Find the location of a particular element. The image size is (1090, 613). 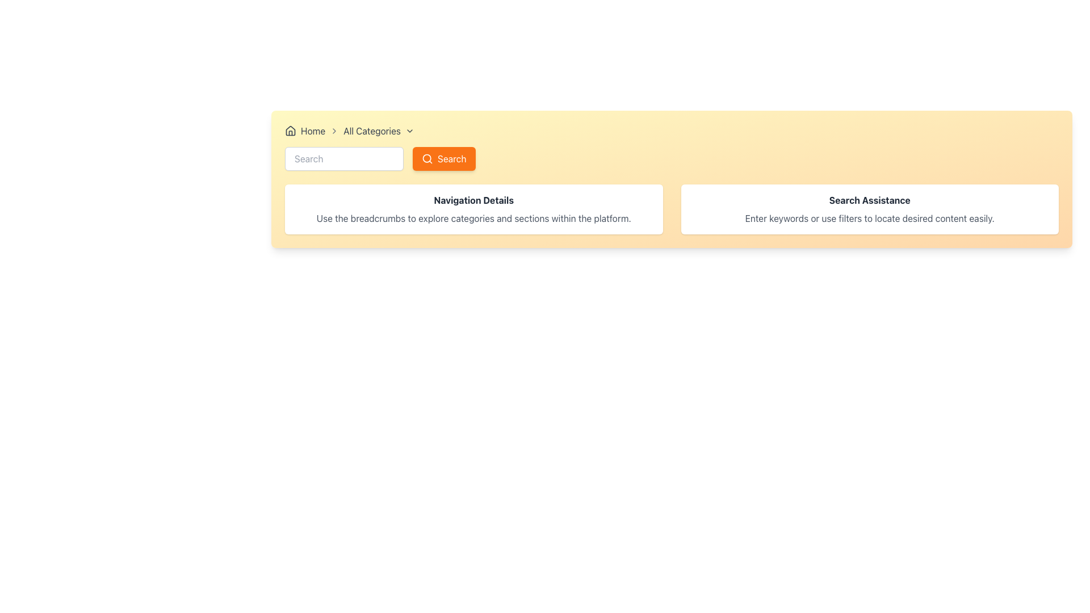

the Breadcrumb navigation section, which includes 'Home' and 'All Categories' labels is located at coordinates (349, 131).